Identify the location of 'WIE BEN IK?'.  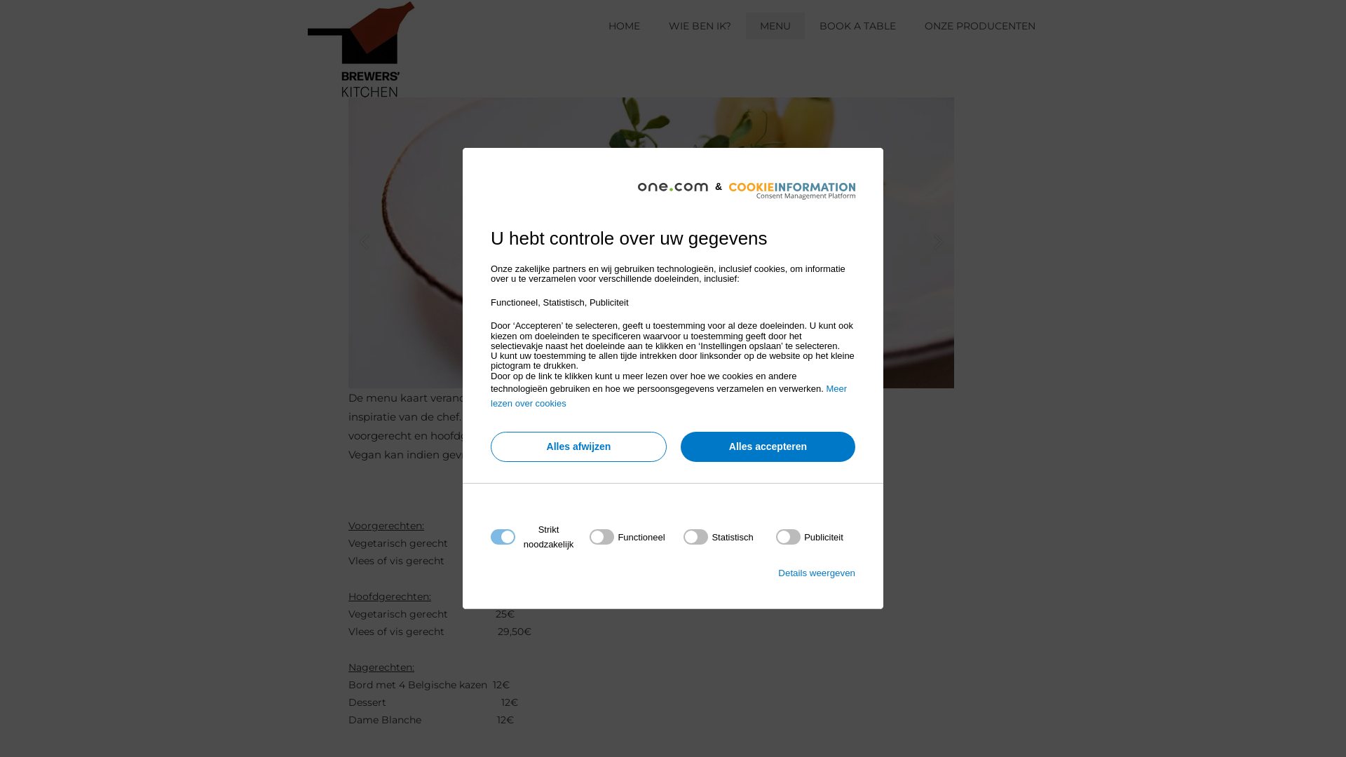
(654, 26).